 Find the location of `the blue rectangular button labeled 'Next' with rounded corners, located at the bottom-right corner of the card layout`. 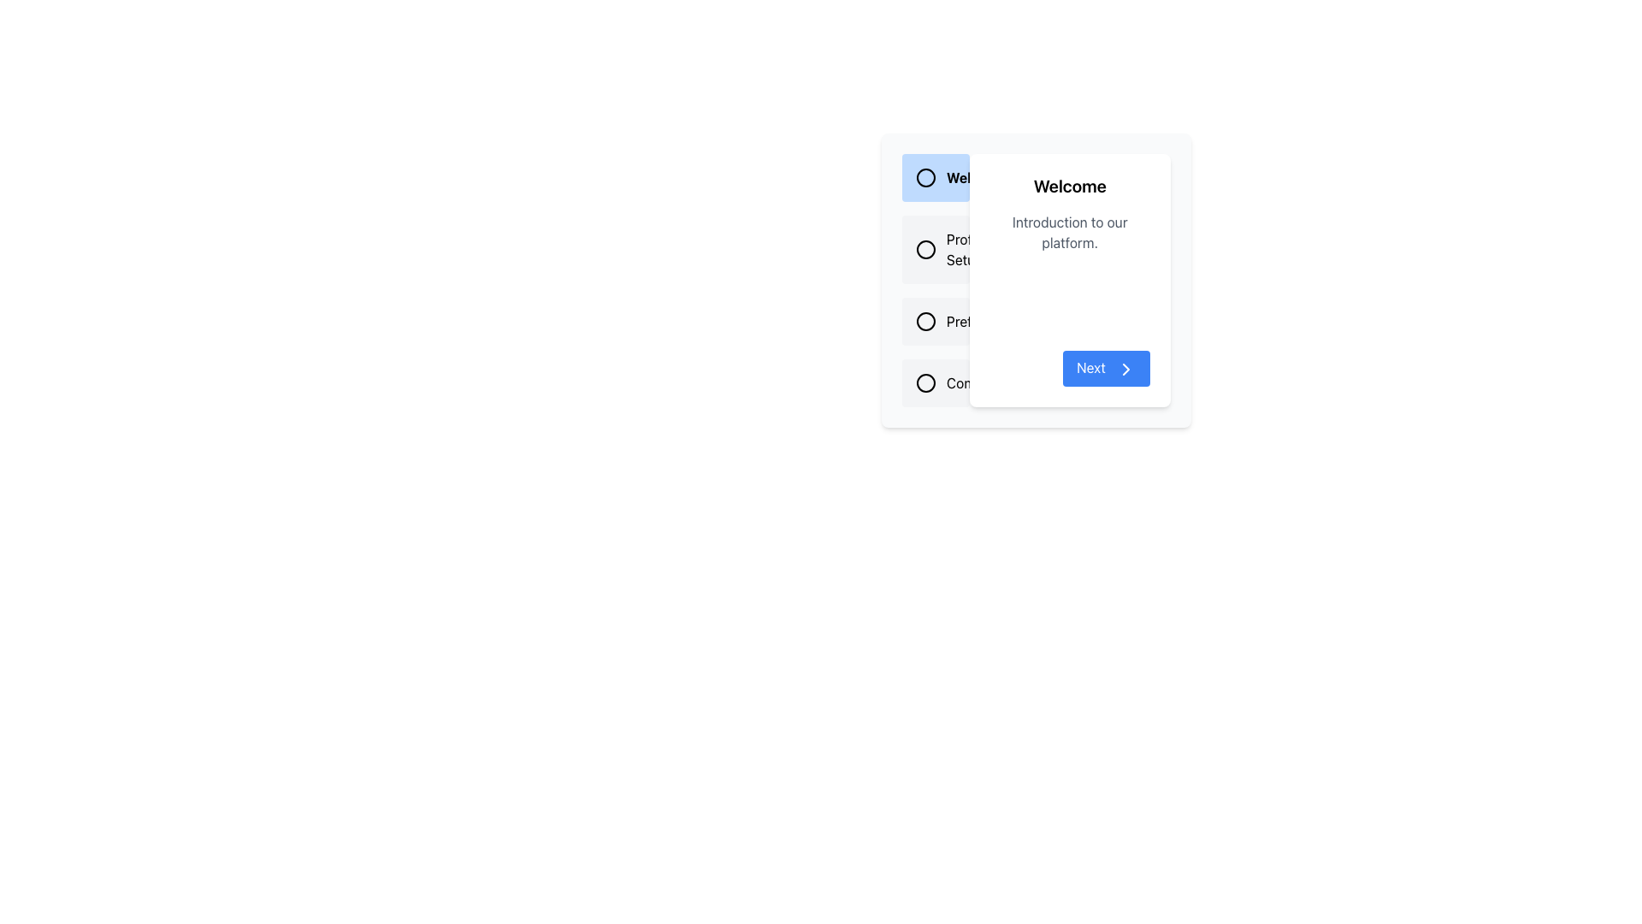

the blue rectangular button labeled 'Next' with rounded corners, located at the bottom-right corner of the card layout is located at coordinates (1069, 368).